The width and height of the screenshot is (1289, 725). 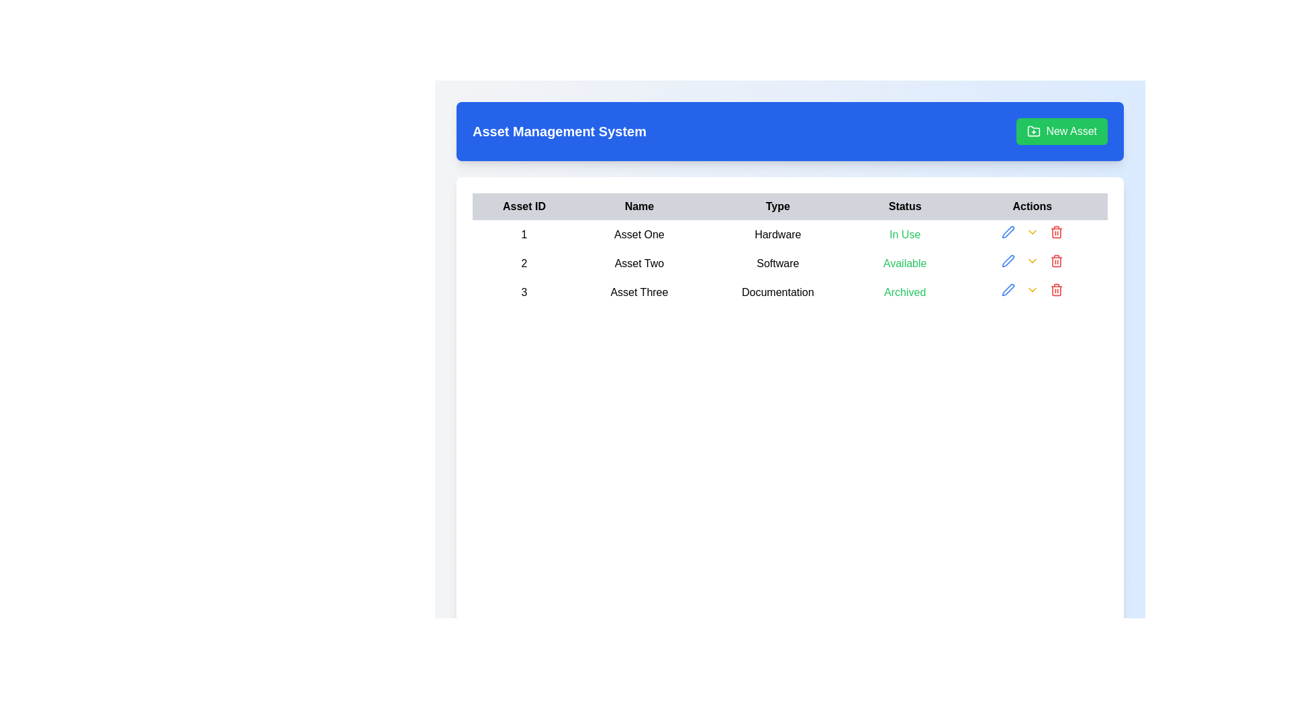 I want to click on the second row of the table in the 'Asset Management System' displaying information about 'Asset Two', so click(x=790, y=263).